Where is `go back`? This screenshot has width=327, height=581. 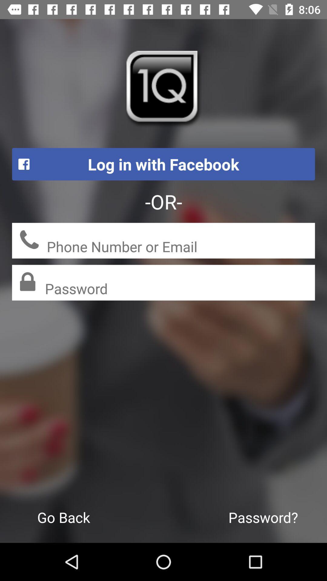 go back is located at coordinates (64, 517).